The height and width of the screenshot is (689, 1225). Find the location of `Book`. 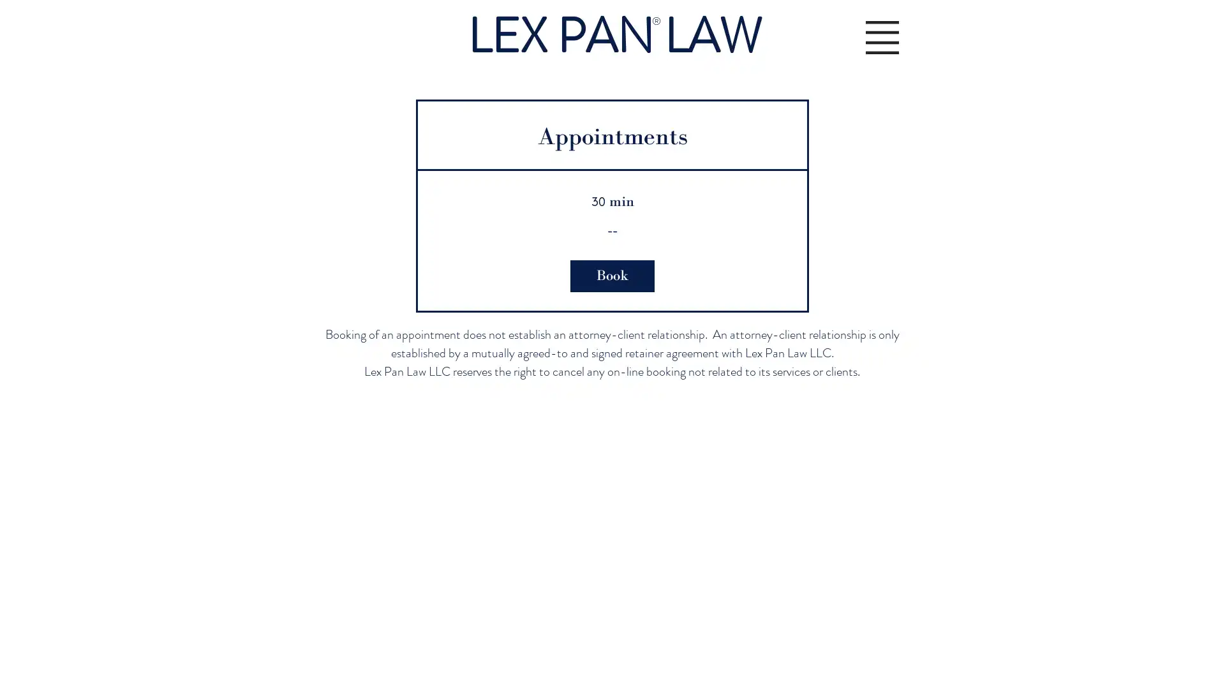

Book is located at coordinates (612, 275).